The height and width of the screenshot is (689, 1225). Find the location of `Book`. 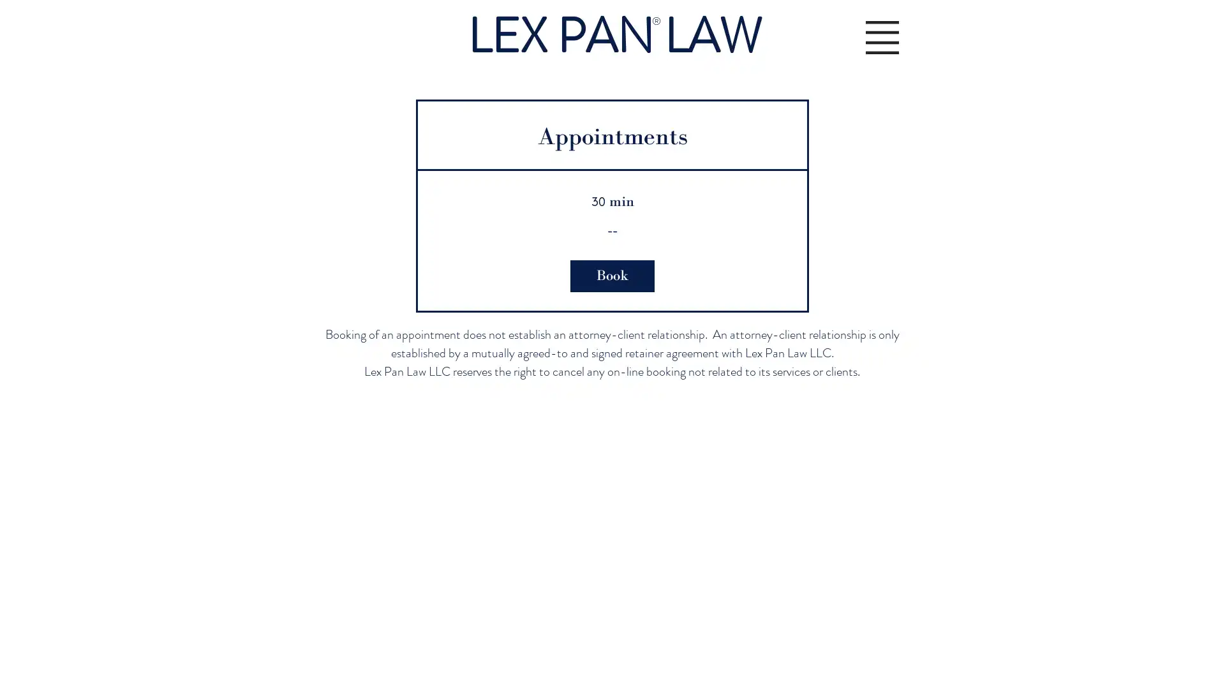

Book is located at coordinates (612, 275).